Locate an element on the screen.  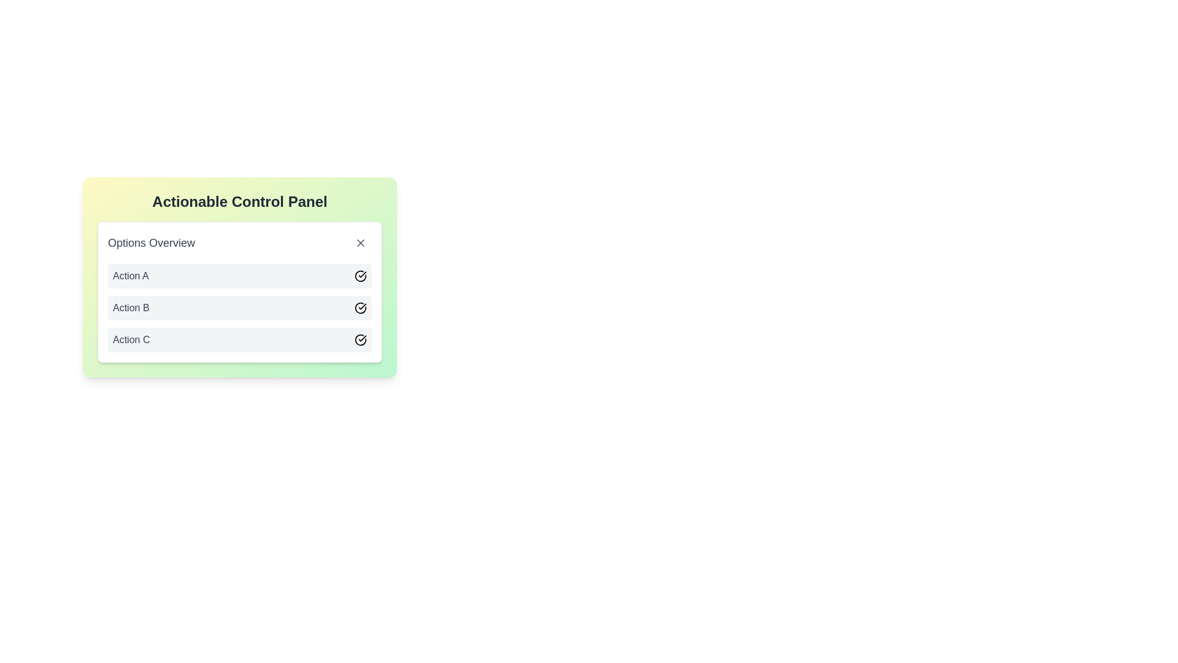
the circular icon with a checkmark inside, located at the far-right side of the row labeled 'Action A' is located at coordinates (360, 276).